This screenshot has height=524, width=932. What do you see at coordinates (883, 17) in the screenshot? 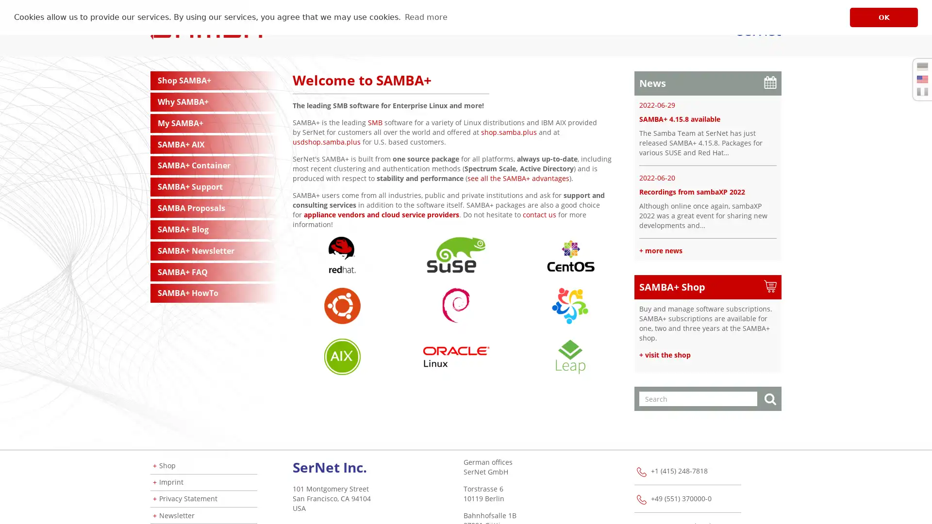
I see `dismiss cookie message` at bounding box center [883, 17].